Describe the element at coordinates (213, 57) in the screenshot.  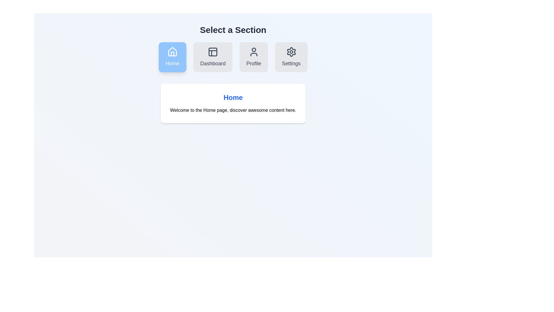
I see `the Dashboard section icon to select it` at that location.